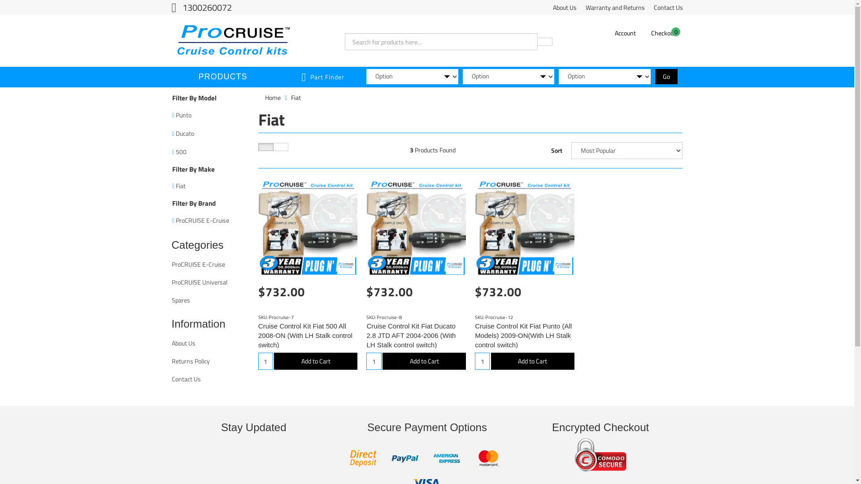  Describe the element at coordinates (209, 343) in the screenshot. I see `'About Us'` at that location.